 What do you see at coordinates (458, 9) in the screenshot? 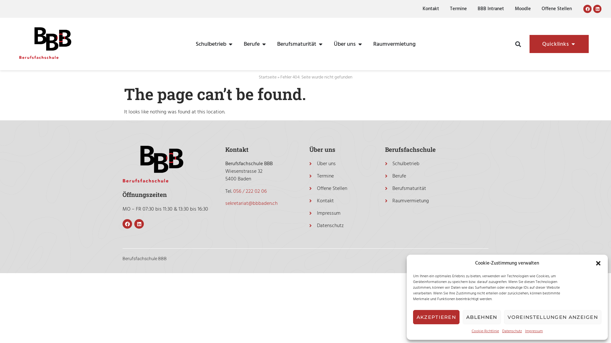
I see `'Termine'` at bounding box center [458, 9].